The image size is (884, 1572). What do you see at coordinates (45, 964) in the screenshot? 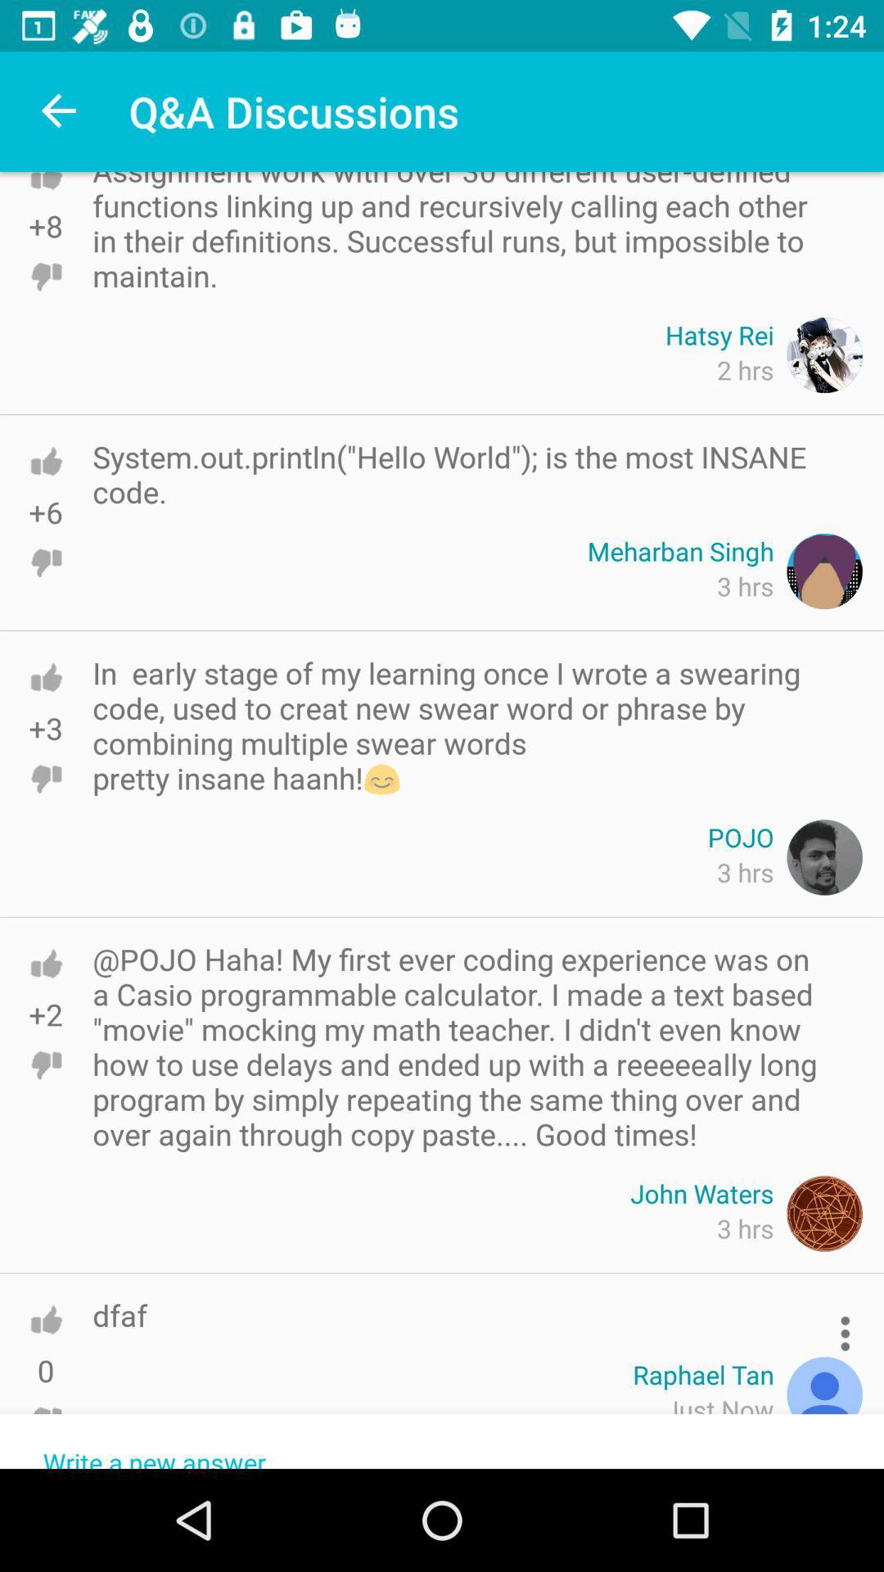
I see `up vote post` at bounding box center [45, 964].